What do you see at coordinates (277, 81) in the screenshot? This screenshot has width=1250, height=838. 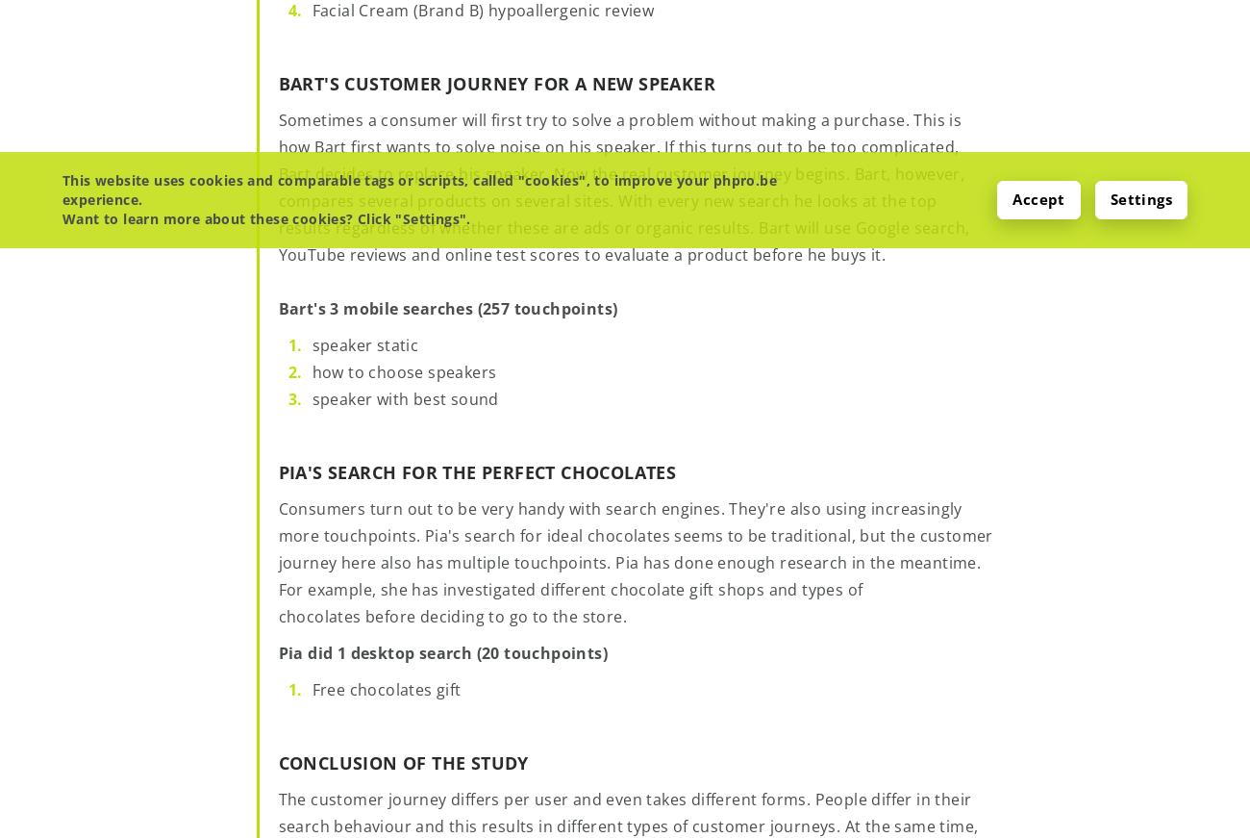 I see `'Bart's customer journey for a new speaker'` at bounding box center [277, 81].